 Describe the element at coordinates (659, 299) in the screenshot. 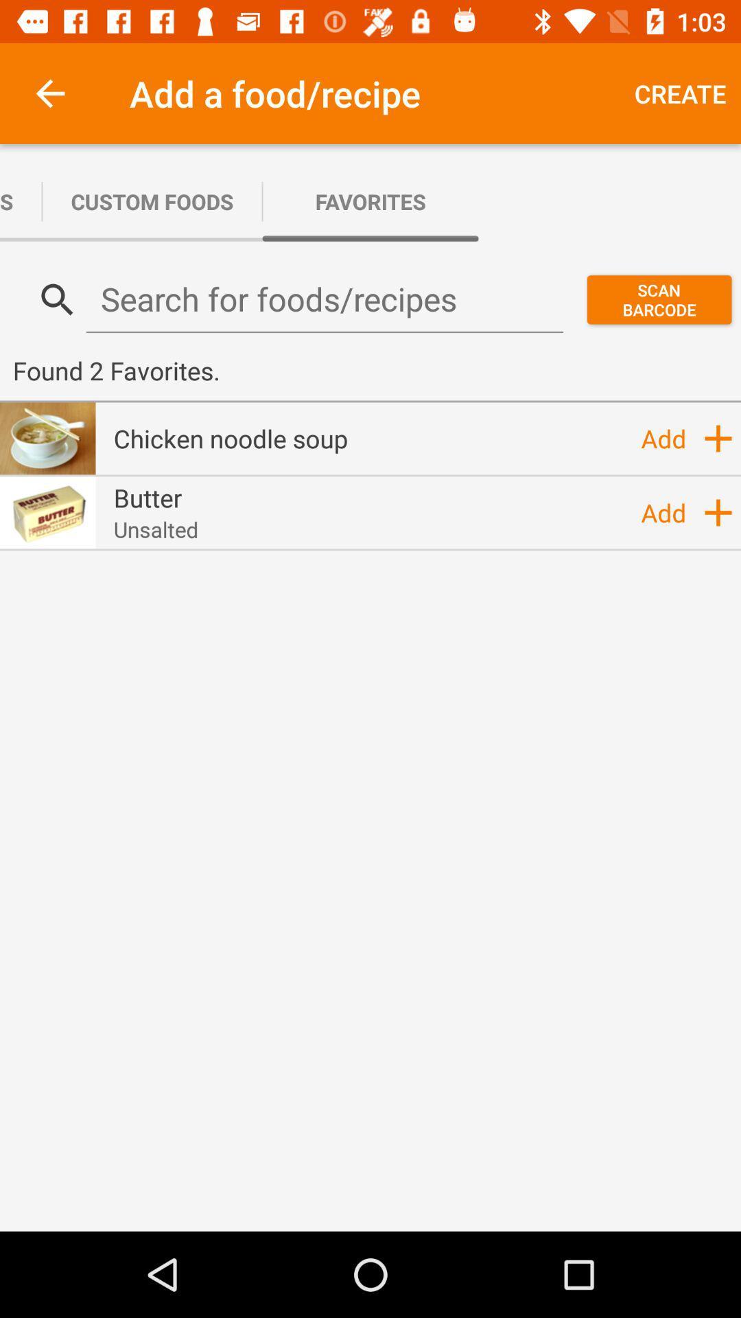

I see `scan` at that location.